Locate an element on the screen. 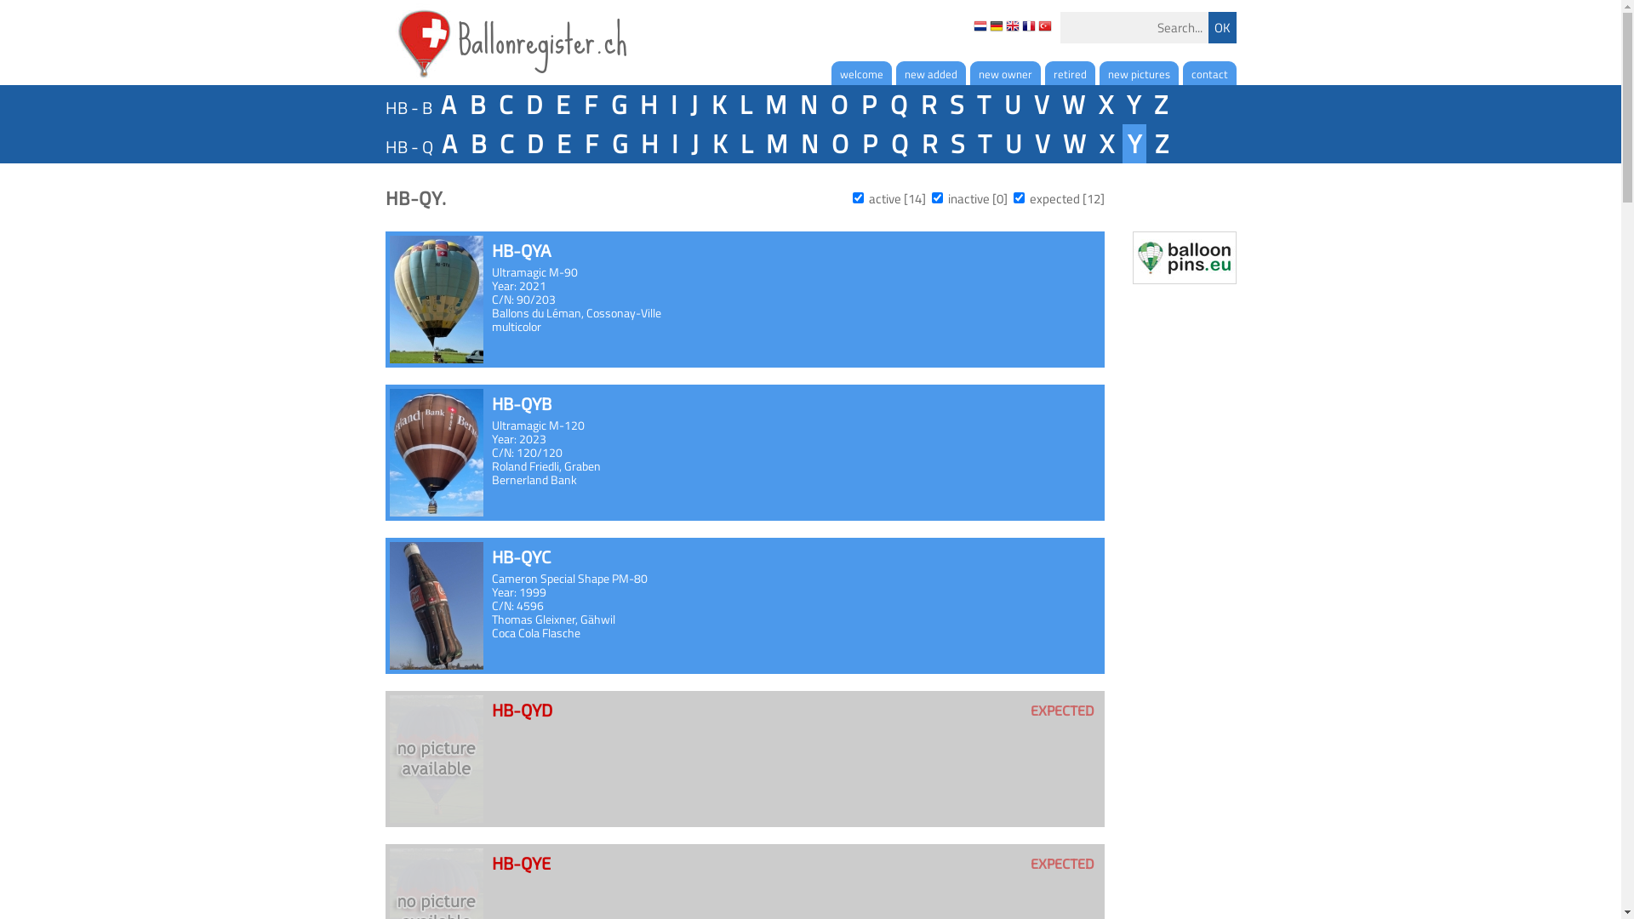 The image size is (1634, 919). 'F' is located at coordinates (591, 143).